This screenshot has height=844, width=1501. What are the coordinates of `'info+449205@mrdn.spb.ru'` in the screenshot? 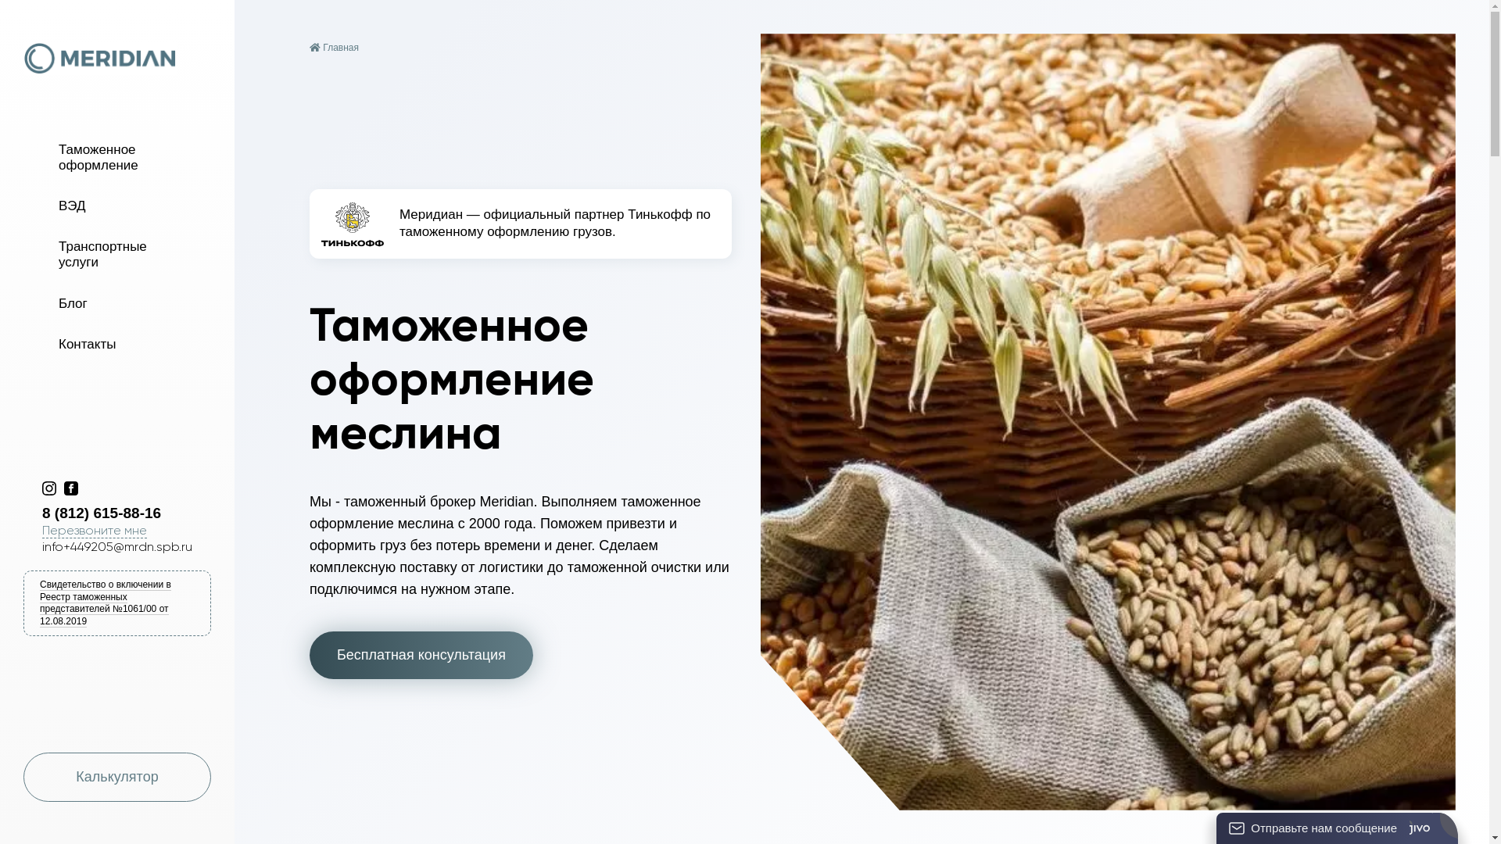 It's located at (41, 545).